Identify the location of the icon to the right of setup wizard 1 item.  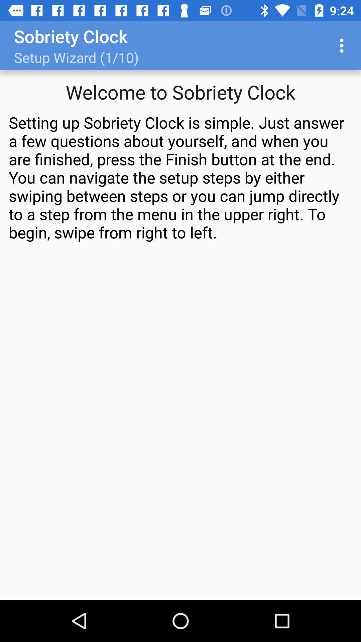
(343, 45).